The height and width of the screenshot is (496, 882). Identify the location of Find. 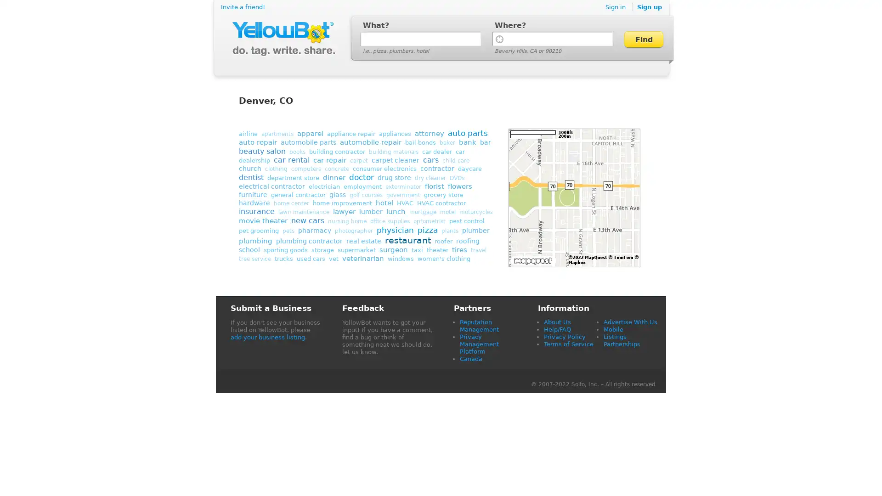
(643, 39).